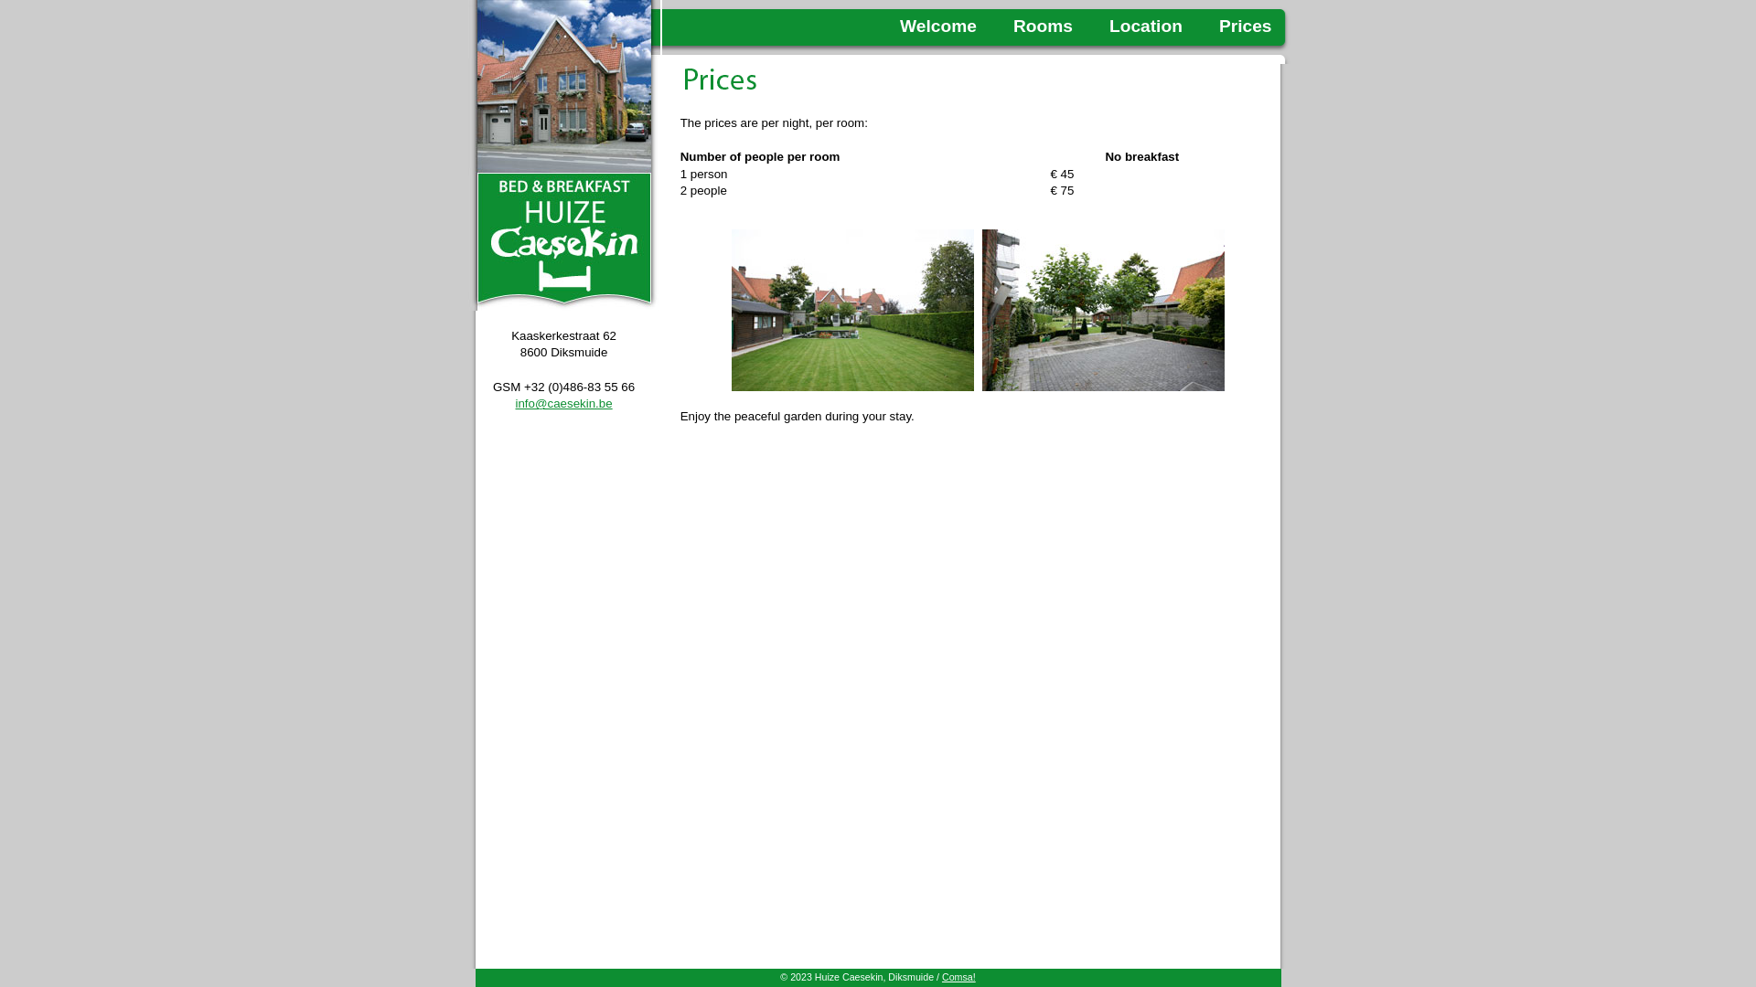 The width and height of the screenshot is (1756, 987). I want to click on 'Prices', so click(1219, 26).